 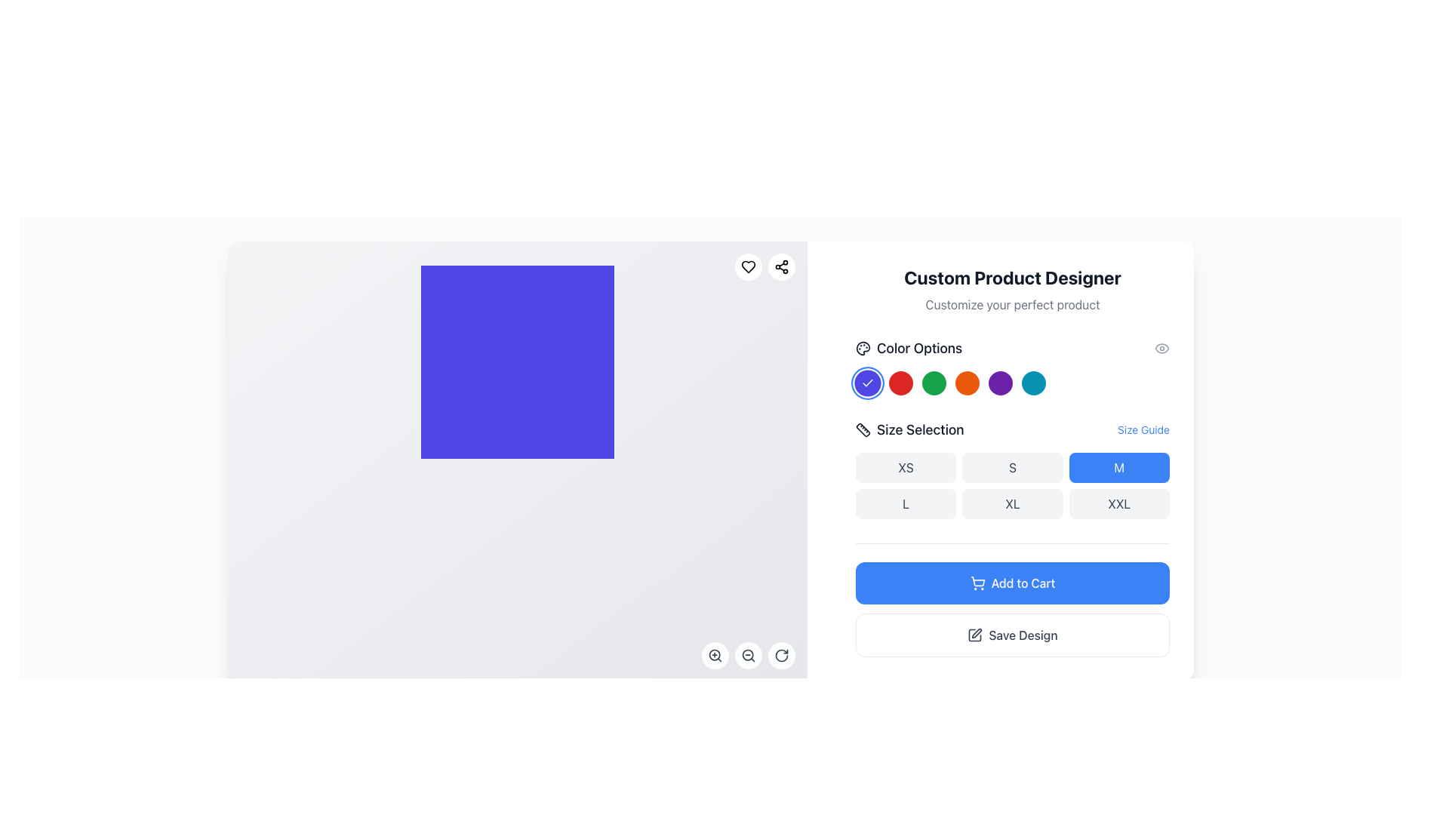 What do you see at coordinates (1119, 467) in the screenshot?
I see `the 'M' size selection button, which is a rounded rectangular button with a blue background and white text, located in the first row and third column of the 'Size Selection' section` at bounding box center [1119, 467].